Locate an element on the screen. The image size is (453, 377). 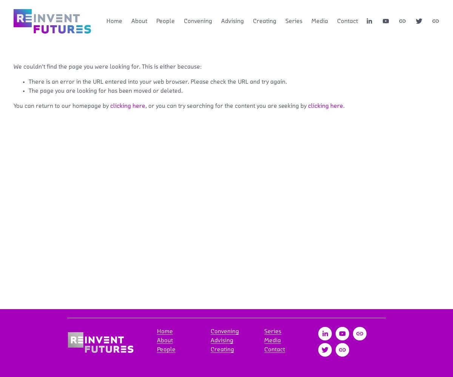
'There is an error in the URL entered into your web browser. Please check the URL and try again.' is located at coordinates (157, 81).